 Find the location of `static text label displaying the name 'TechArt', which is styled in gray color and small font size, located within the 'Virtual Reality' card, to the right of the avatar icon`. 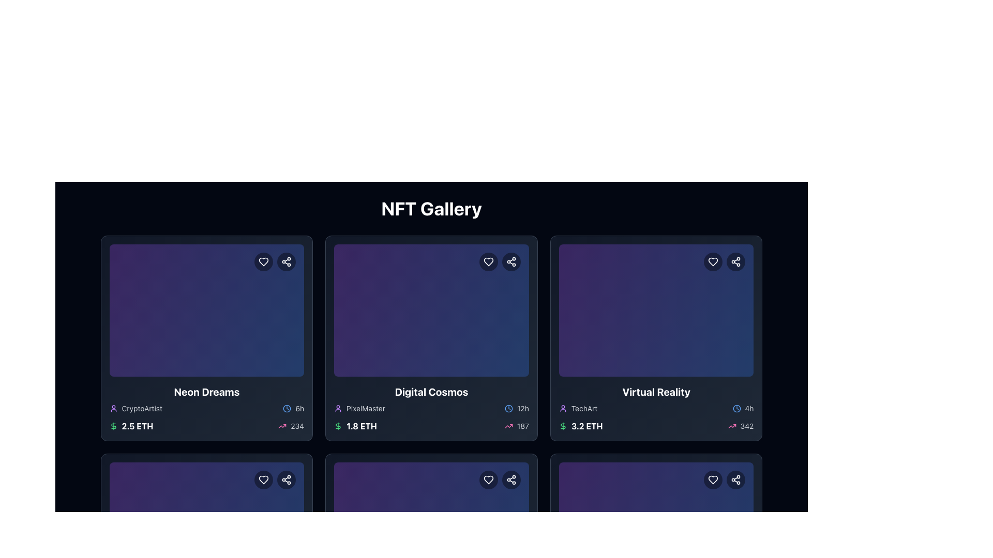

static text label displaying the name 'TechArt', which is styled in gray color and small font size, located within the 'Virtual Reality' card, to the right of the avatar icon is located at coordinates (584, 408).